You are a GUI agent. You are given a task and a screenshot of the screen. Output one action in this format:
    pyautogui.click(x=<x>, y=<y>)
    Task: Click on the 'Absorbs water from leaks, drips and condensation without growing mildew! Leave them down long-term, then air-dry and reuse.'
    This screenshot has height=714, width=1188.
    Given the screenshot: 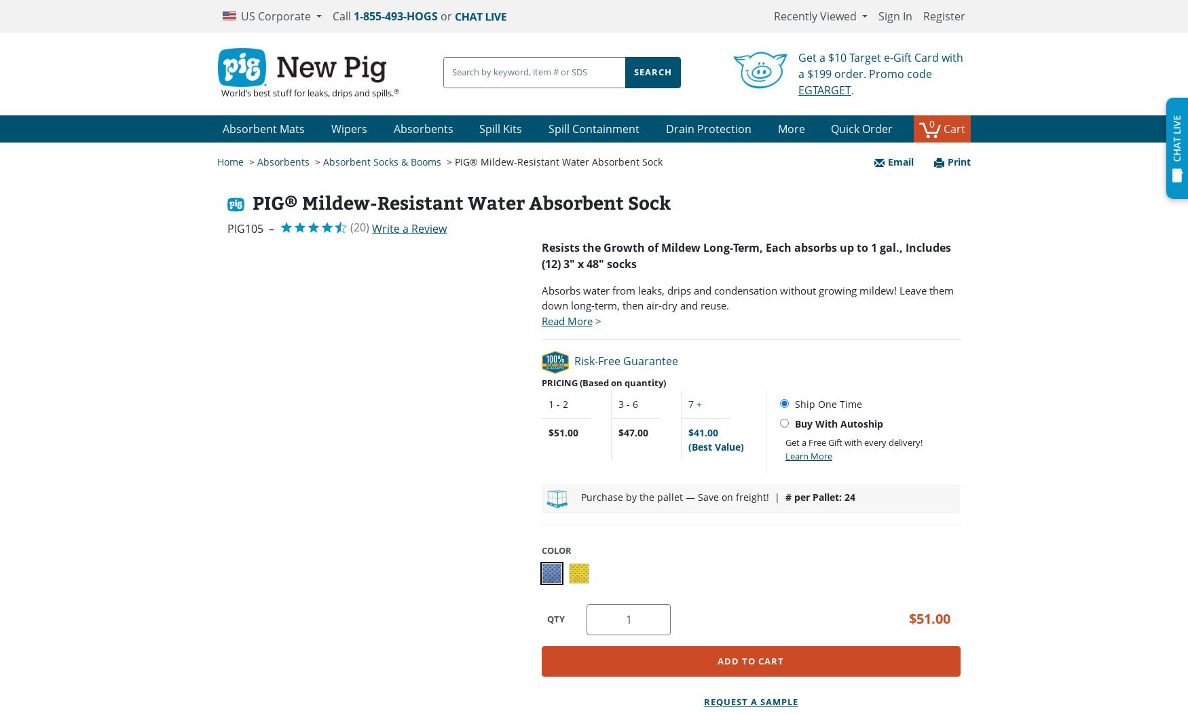 What is the action you would take?
    pyautogui.click(x=747, y=297)
    